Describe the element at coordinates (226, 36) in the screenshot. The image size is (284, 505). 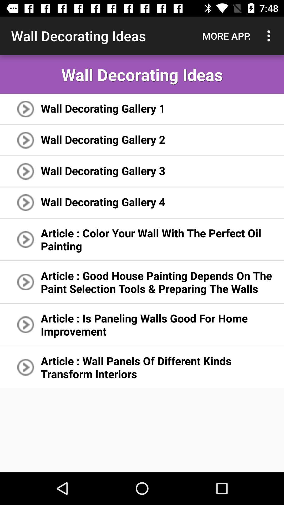
I see `the app next to the wall decorating ideas app` at that location.